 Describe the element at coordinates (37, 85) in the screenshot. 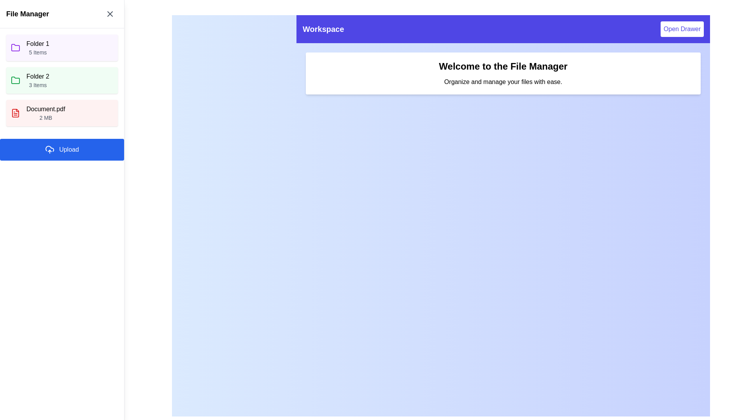

I see `text label that displays '3 Items' located in the left sidebar under the 'Folder 2' label, which is styled with a light green background` at that location.